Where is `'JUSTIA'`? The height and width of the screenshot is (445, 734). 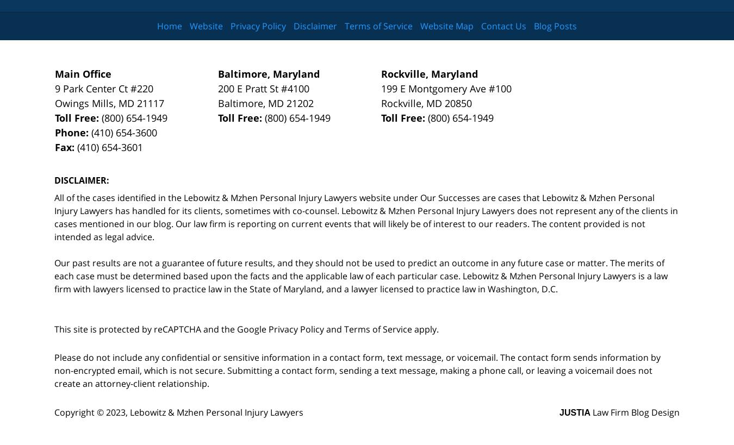
'JUSTIA' is located at coordinates (559, 412).